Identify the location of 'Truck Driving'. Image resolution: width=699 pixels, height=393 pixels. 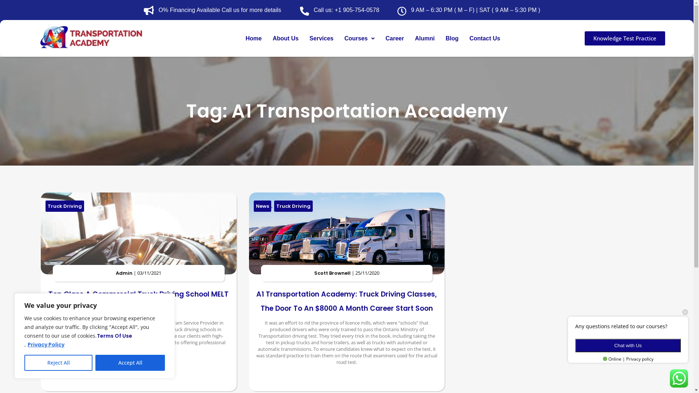
(293, 206).